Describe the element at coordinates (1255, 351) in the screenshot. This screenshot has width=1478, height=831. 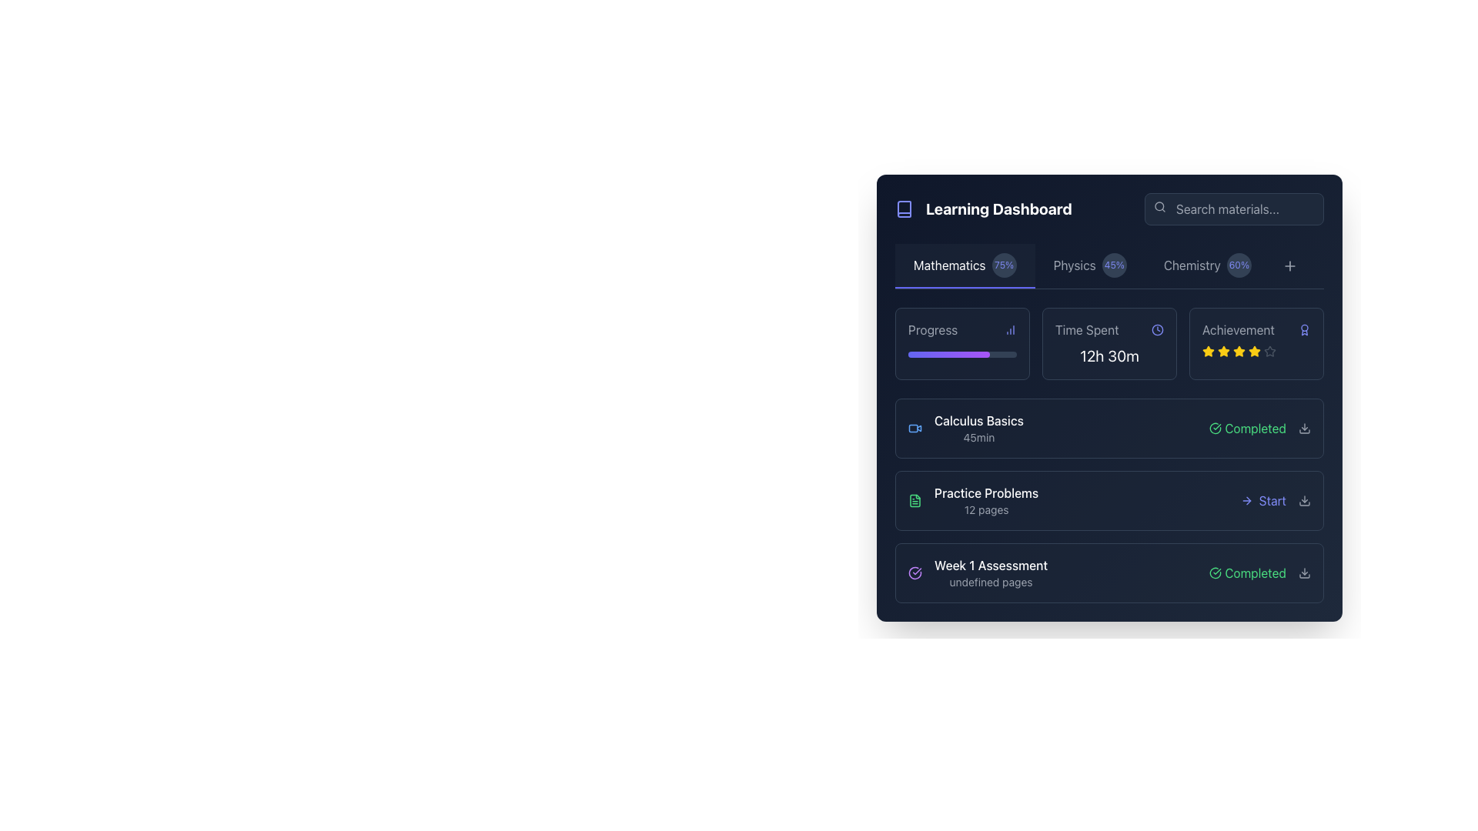
I see `the fourth star icon in the horizontal series of five stars located in the 'Achievement' section of the dashboard card, positioned to the right of 'Time Spent'` at that location.